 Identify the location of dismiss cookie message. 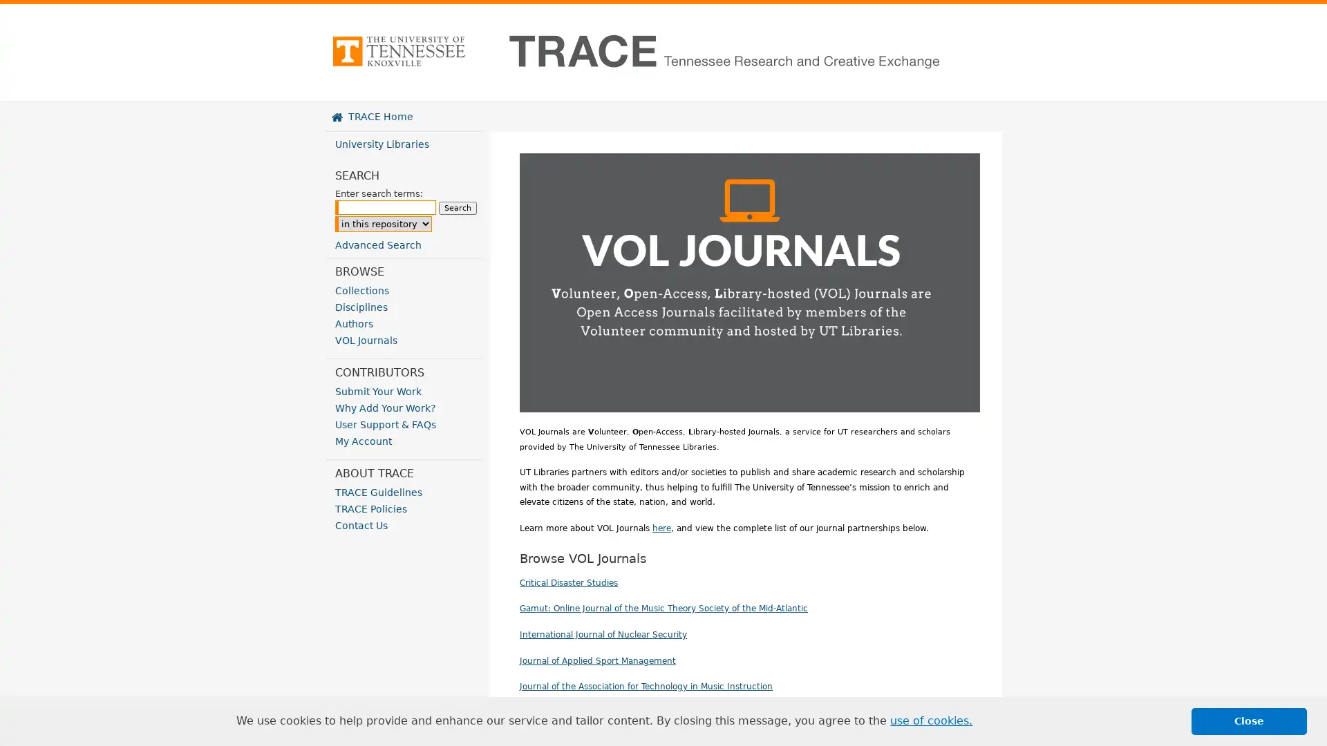
(1249, 720).